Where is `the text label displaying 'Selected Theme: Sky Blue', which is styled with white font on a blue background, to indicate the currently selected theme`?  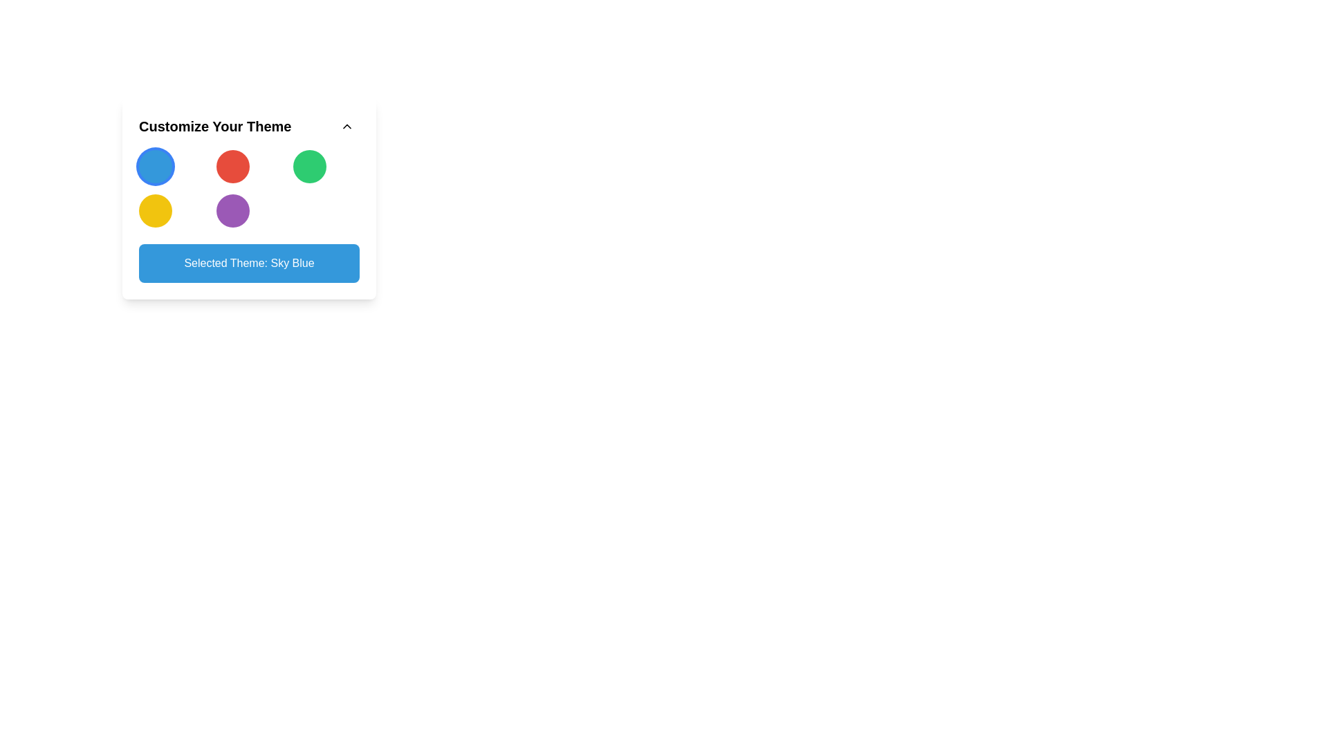 the text label displaying 'Selected Theme: Sky Blue', which is styled with white font on a blue background, to indicate the currently selected theme is located at coordinates (249, 264).